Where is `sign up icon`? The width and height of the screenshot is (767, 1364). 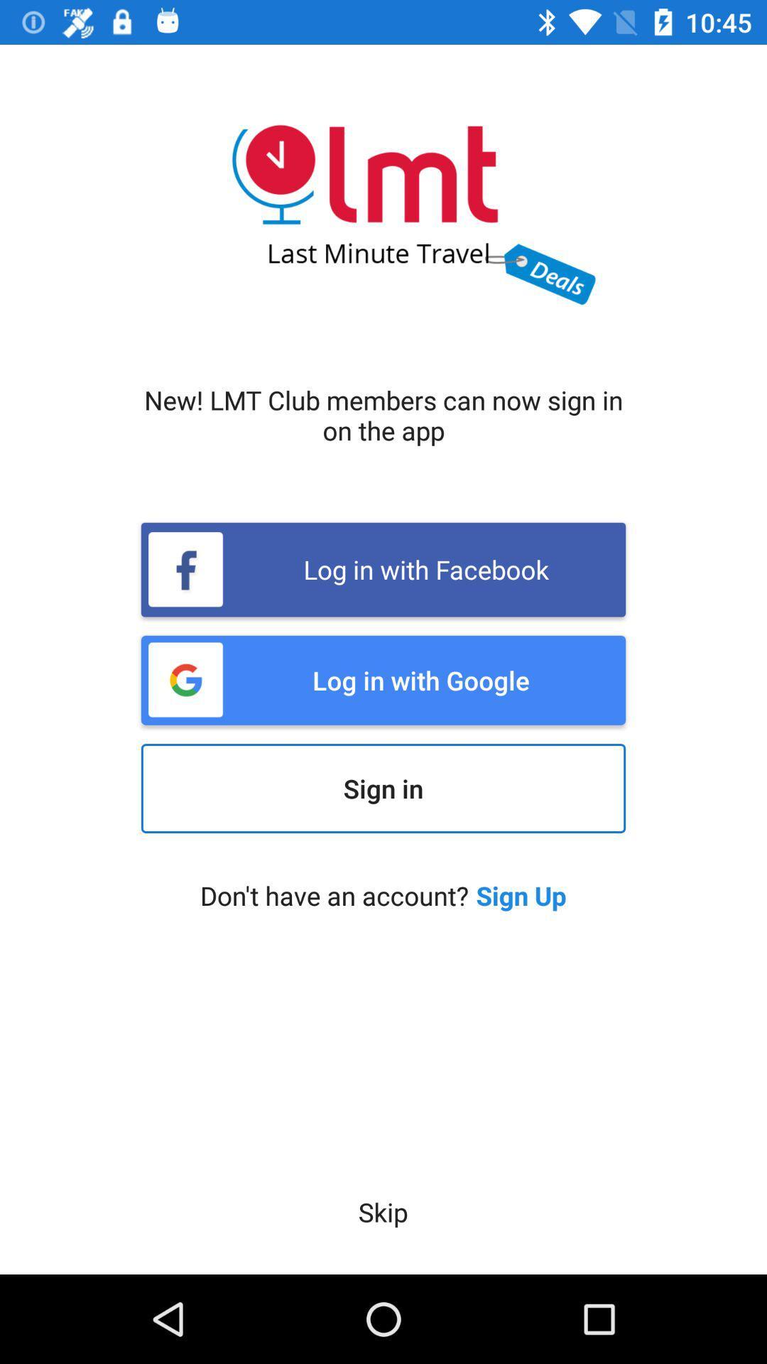
sign up icon is located at coordinates (521, 894).